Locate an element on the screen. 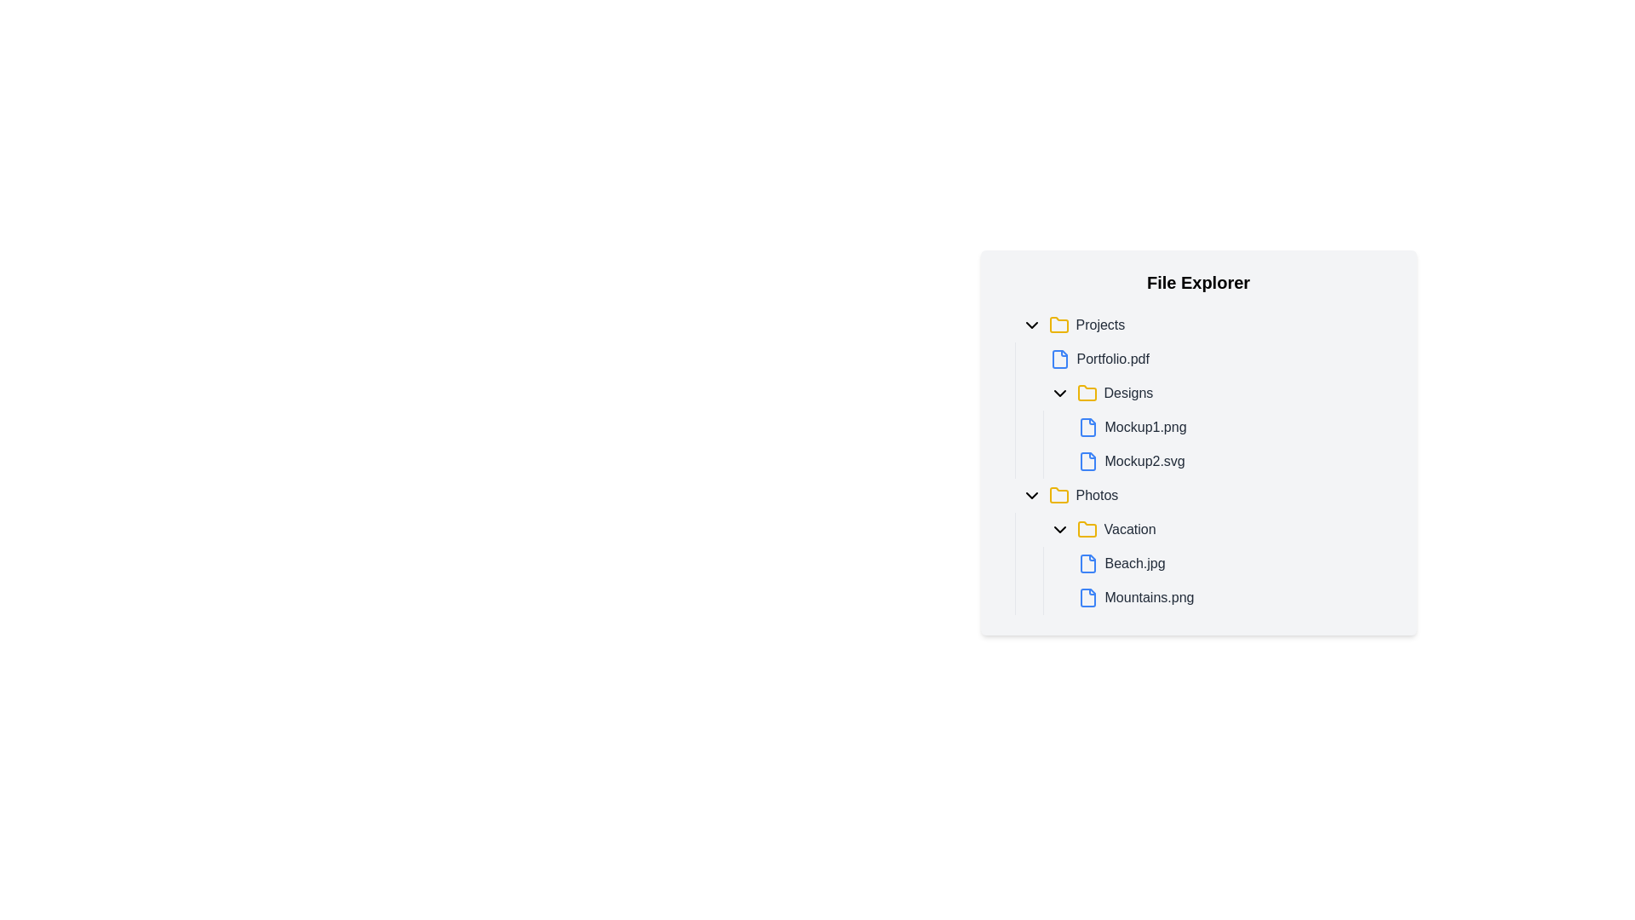 The image size is (1635, 920). the 'Photos' folder entry in the file explorer is located at coordinates (1204, 496).